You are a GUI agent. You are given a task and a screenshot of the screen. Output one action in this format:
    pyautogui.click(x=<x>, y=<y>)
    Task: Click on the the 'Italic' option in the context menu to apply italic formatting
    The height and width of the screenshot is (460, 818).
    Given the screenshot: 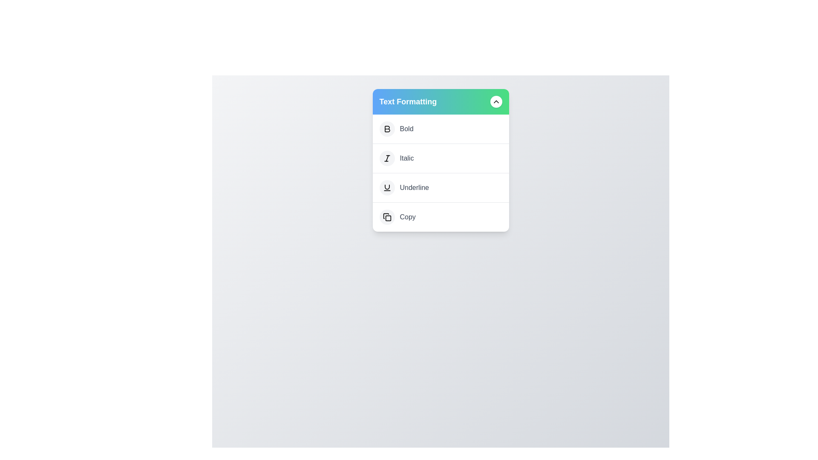 What is the action you would take?
    pyautogui.click(x=386, y=158)
    